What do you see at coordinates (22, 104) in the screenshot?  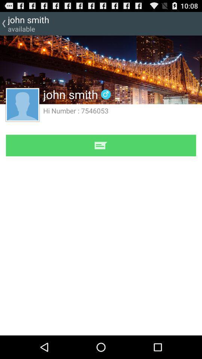 I see `item next to the hi number : 7546053 item` at bounding box center [22, 104].